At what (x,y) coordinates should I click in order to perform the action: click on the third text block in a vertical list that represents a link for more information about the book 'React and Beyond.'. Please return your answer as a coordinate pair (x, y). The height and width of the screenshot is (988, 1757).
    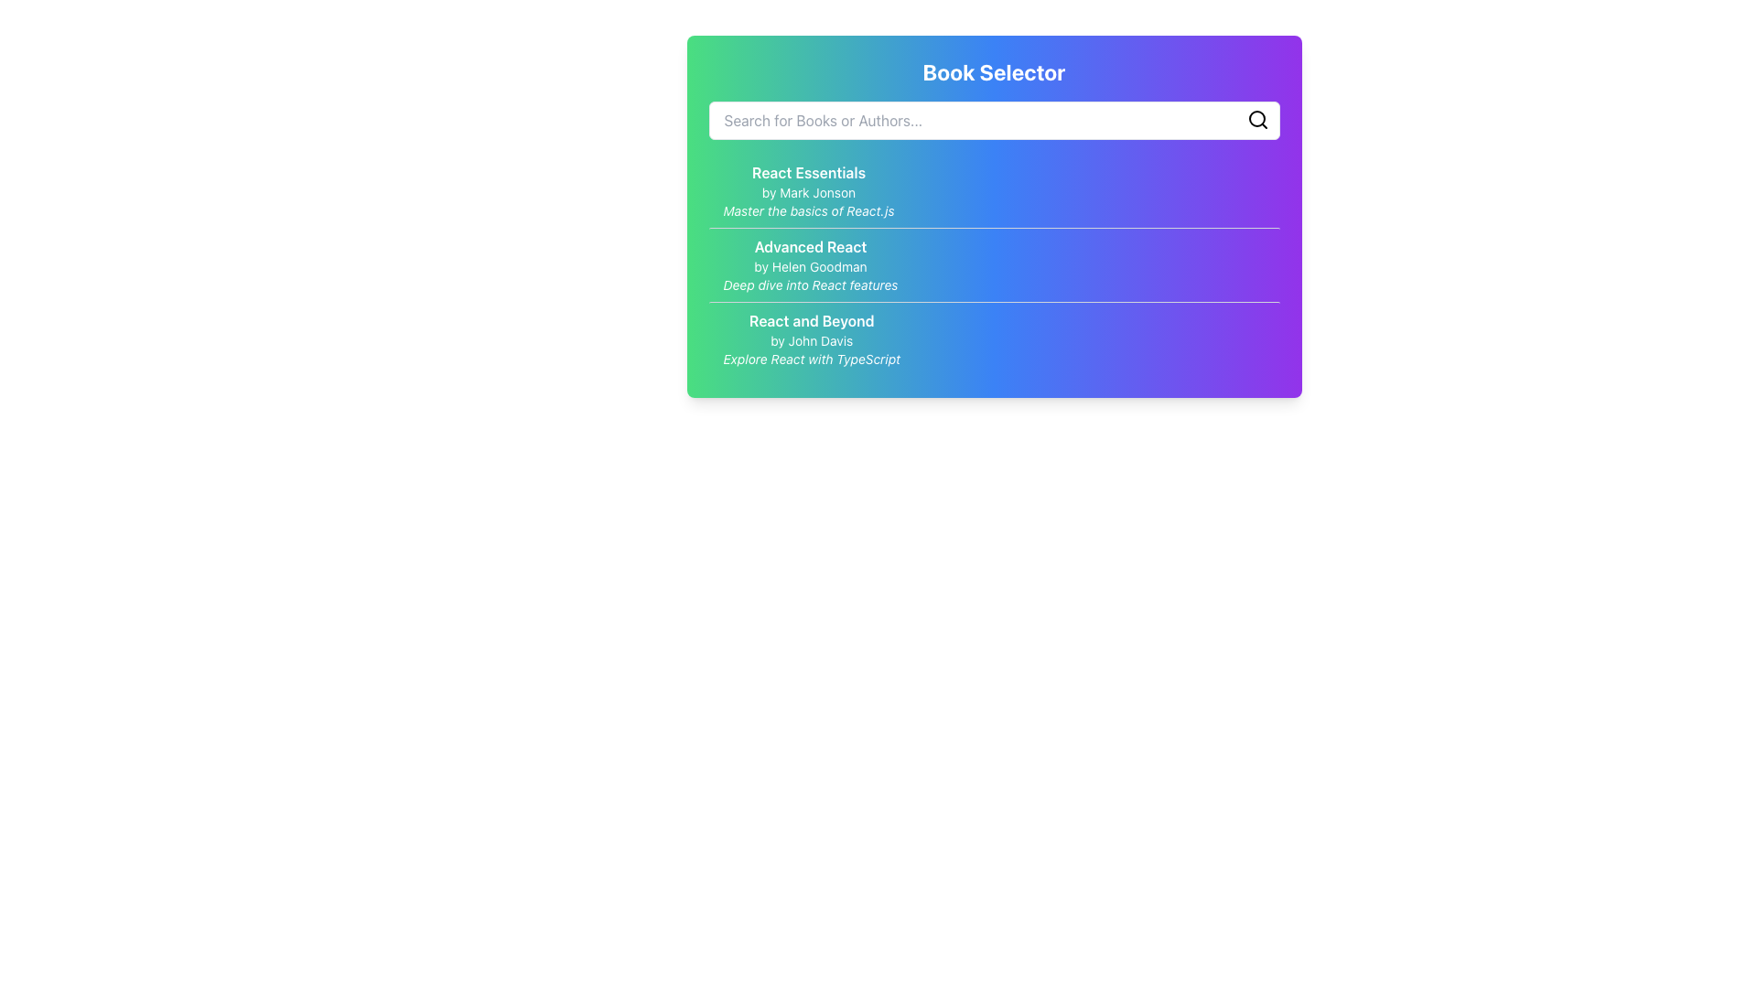
    Looking at the image, I should click on (811, 338).